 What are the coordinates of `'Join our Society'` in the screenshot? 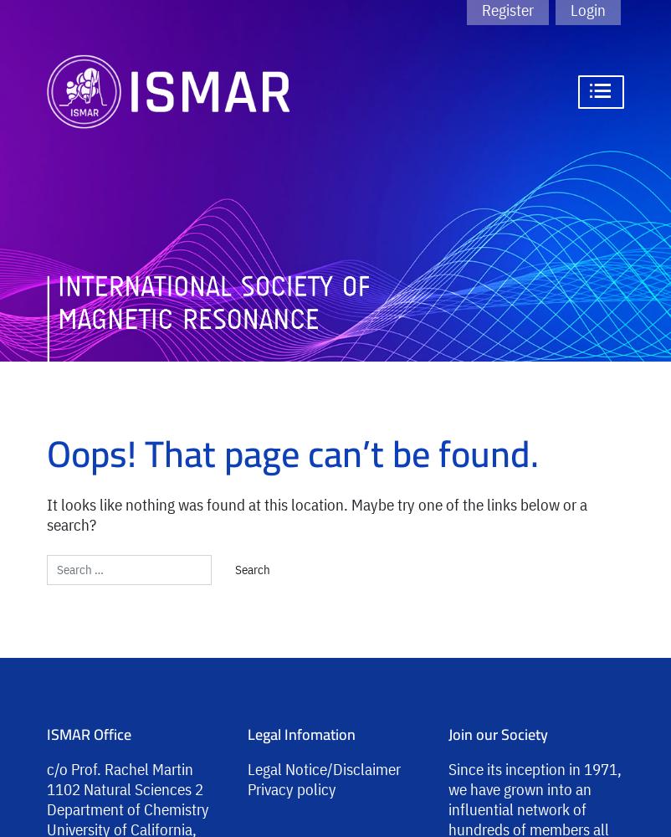 It's located at (447, 733).